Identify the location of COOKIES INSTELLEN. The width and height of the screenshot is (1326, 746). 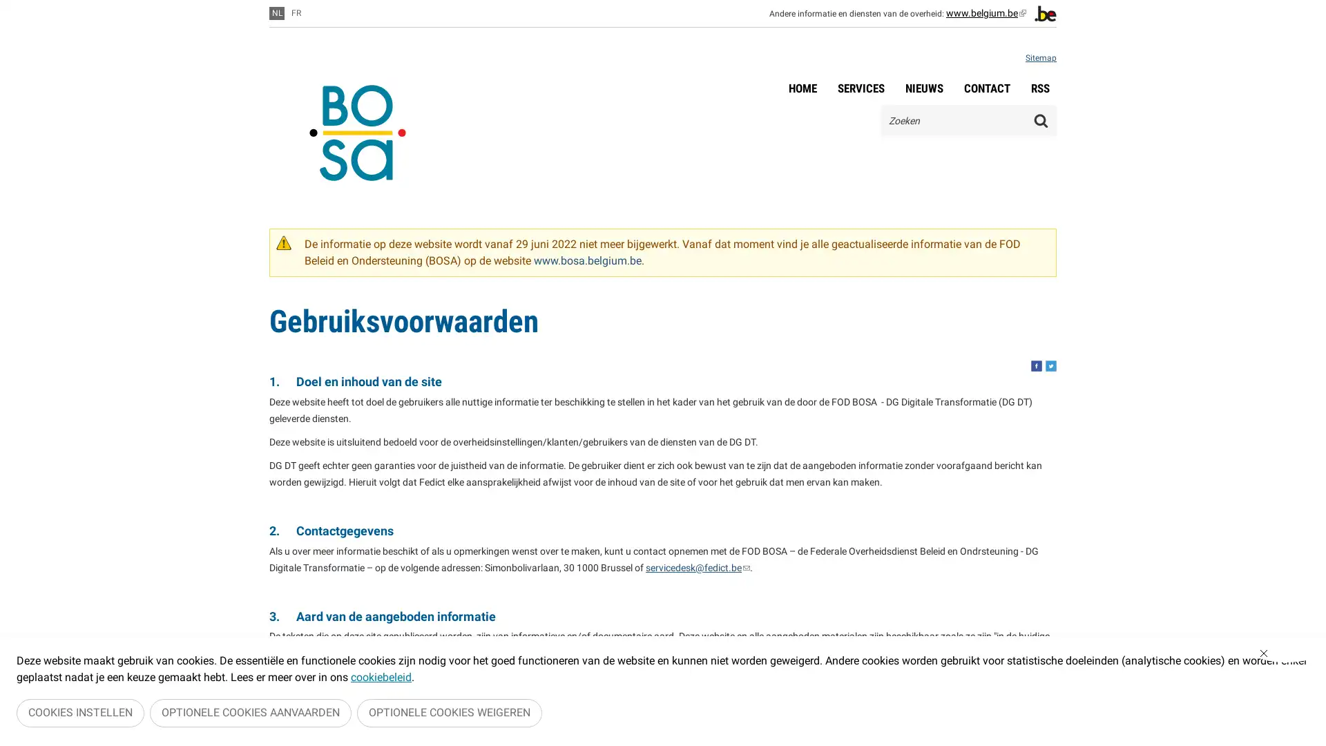
(79, 714).